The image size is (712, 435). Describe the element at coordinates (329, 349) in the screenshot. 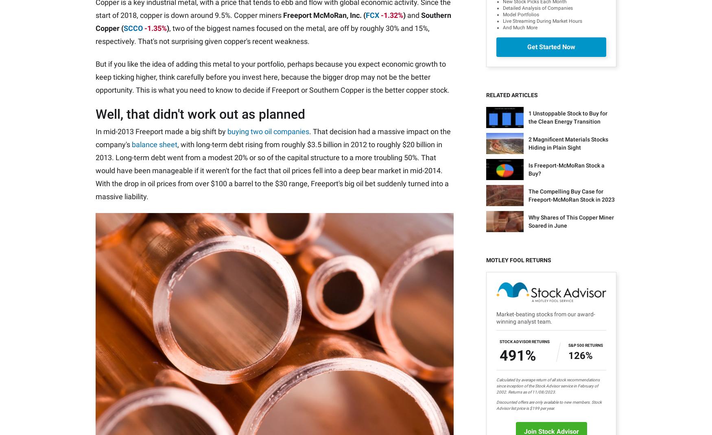

I see `'The Ascent'` at that location.